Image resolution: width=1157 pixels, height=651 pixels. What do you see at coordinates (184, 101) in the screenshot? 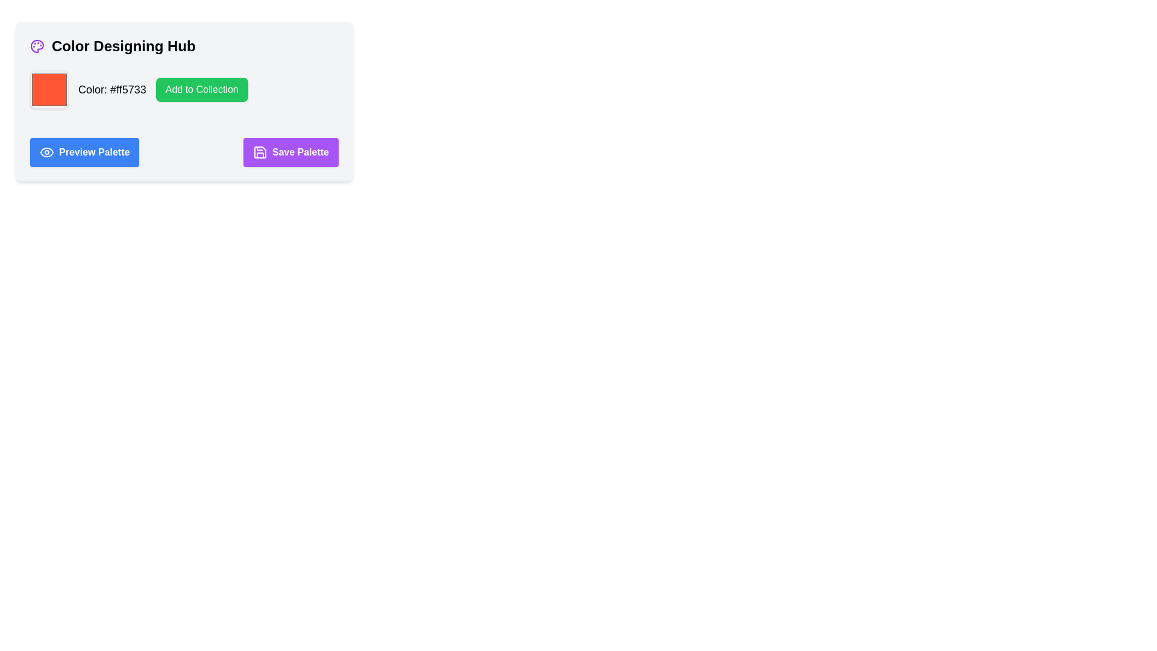
I see `the green 'Add to Collection' button located in the 'Color Designing Hub' panel` at bounding box center [184, 101].